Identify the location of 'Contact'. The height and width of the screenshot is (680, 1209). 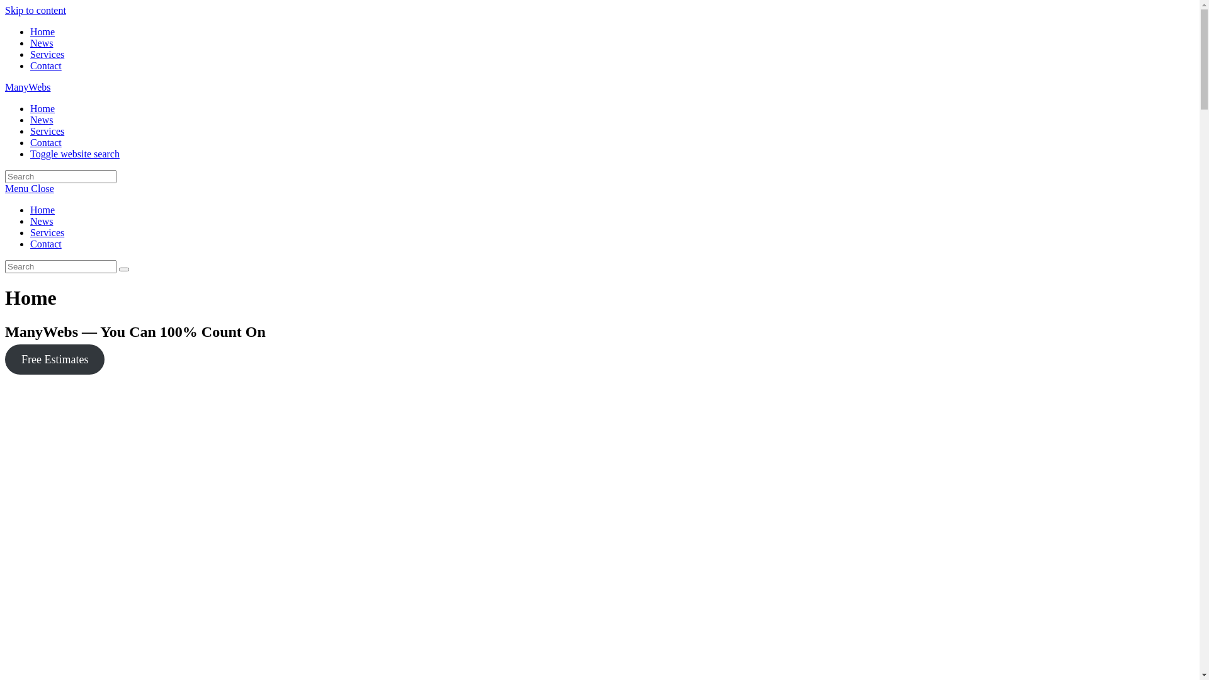
(45, 65).